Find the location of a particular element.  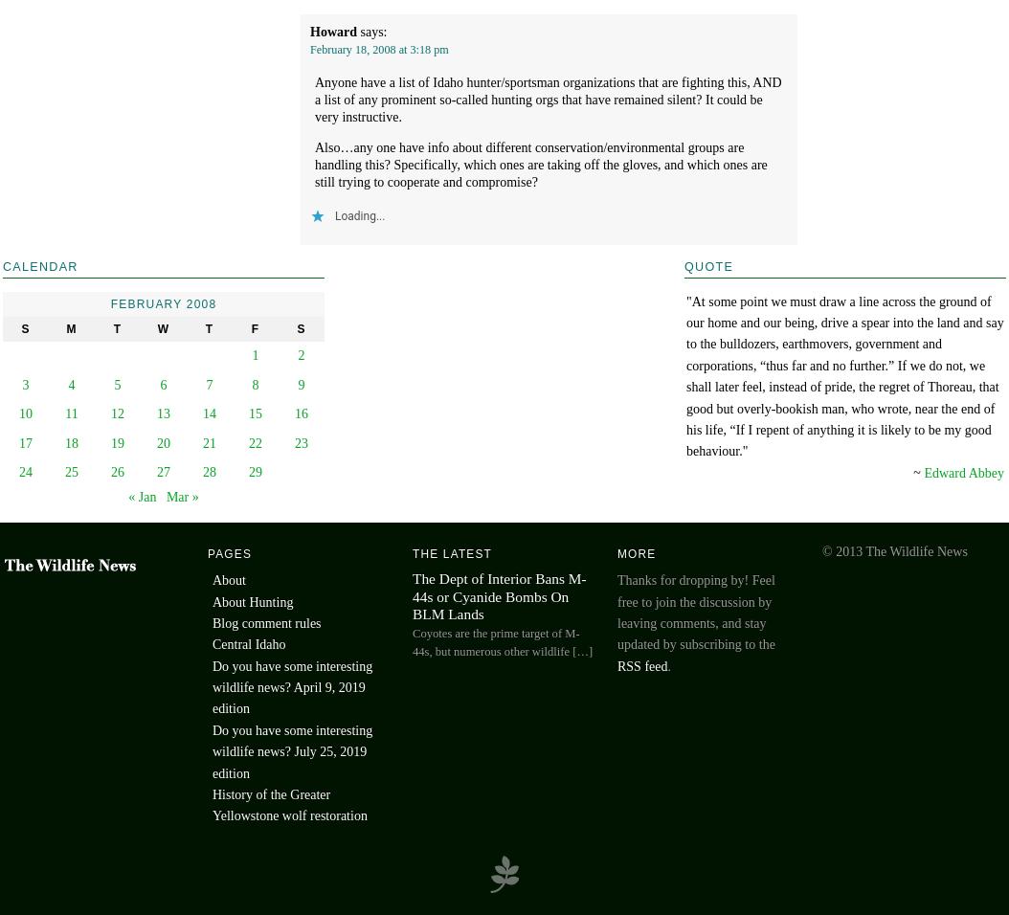

'‎"At some point we must draw a line across the ground of our home and our being, drive a spear into the land and say to the bulldozers, earthmovers, government and corporations, “thus far and no further.” If we do not, we shall later feel, instead of pride, the regret of Thoreau, that good but overly-bookish man, who wrote, near the end of his life, “If I repent of anything it is likely to be my good behaviour."' is located at coordinates (844, 376).